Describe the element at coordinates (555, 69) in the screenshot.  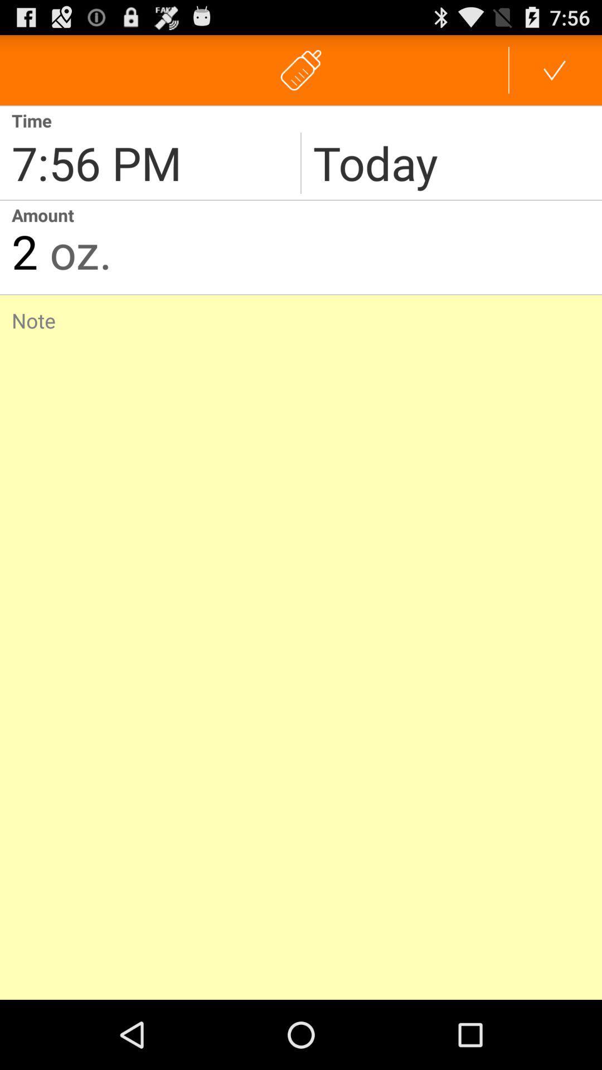
I see `tick symbol` at that location.